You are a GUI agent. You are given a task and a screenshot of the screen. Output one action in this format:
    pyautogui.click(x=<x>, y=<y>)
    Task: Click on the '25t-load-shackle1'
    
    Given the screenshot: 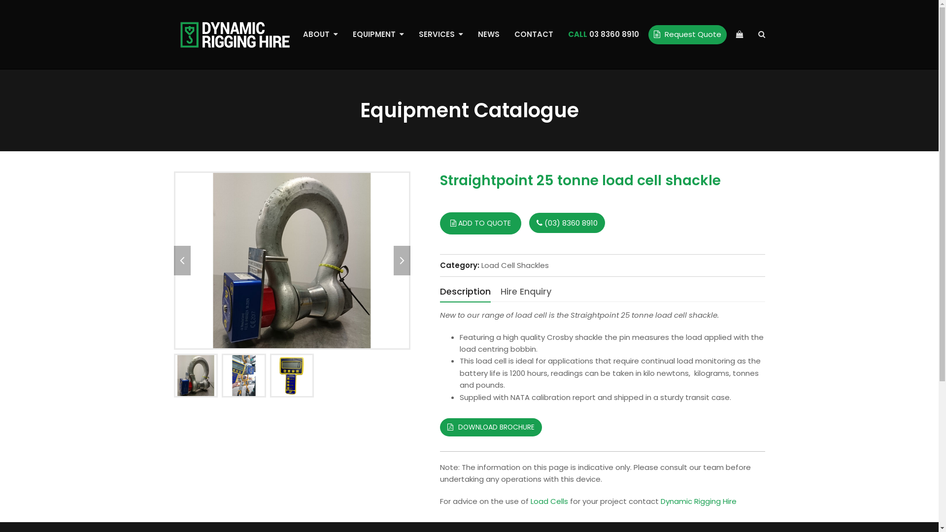 What is the action you would take?
    pyautogui.click(x=291, y=260)
    